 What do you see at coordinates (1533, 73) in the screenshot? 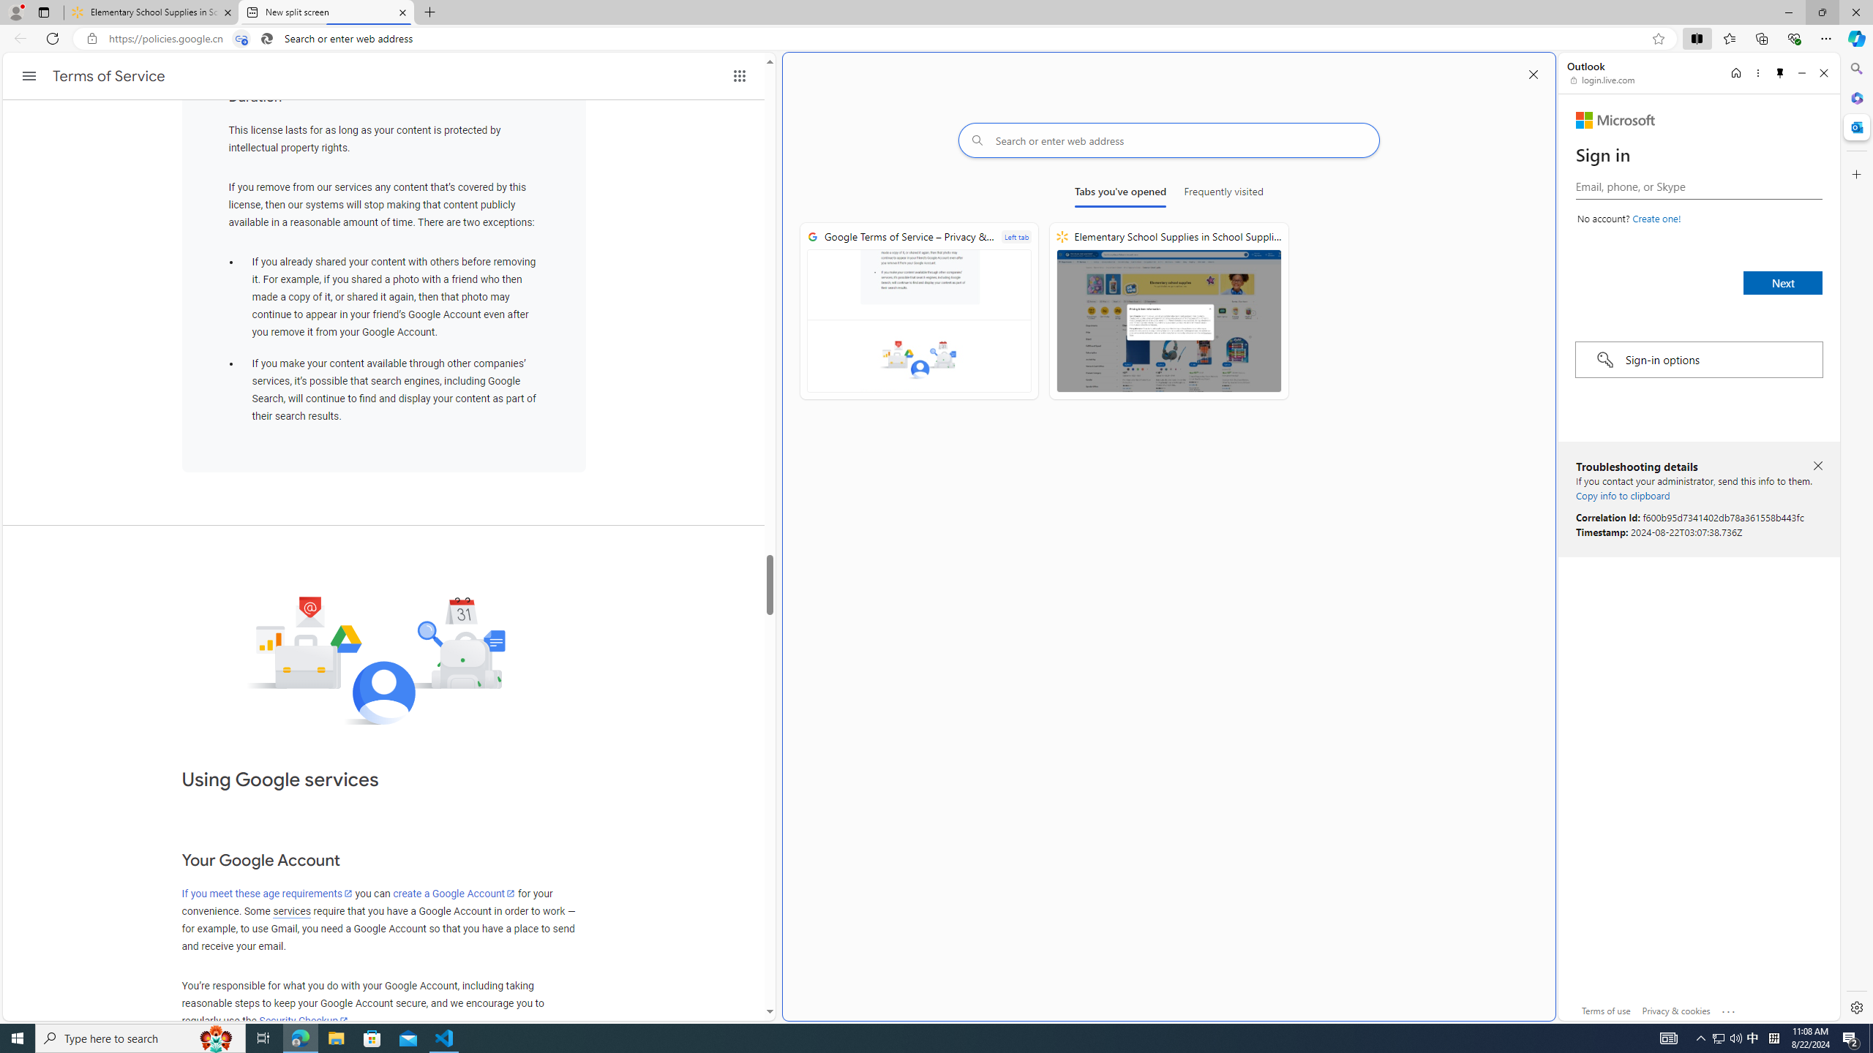
I see `'Close split screen'` at bounding box center [1533, 73].